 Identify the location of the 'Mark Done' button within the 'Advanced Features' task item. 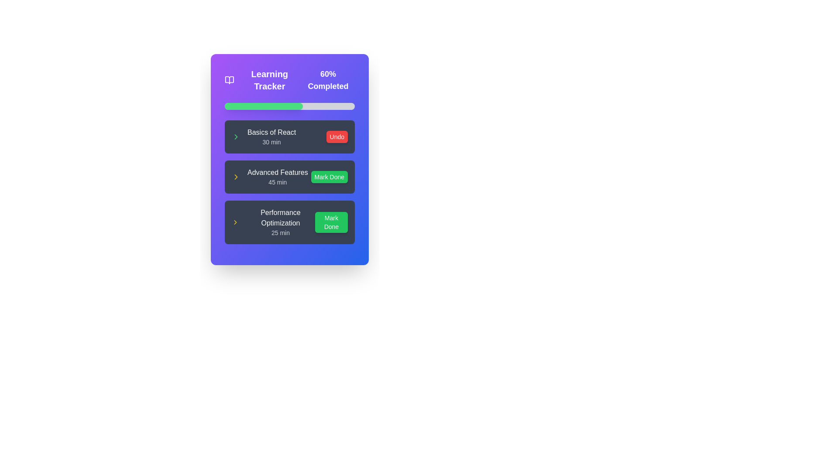
(289, 181).